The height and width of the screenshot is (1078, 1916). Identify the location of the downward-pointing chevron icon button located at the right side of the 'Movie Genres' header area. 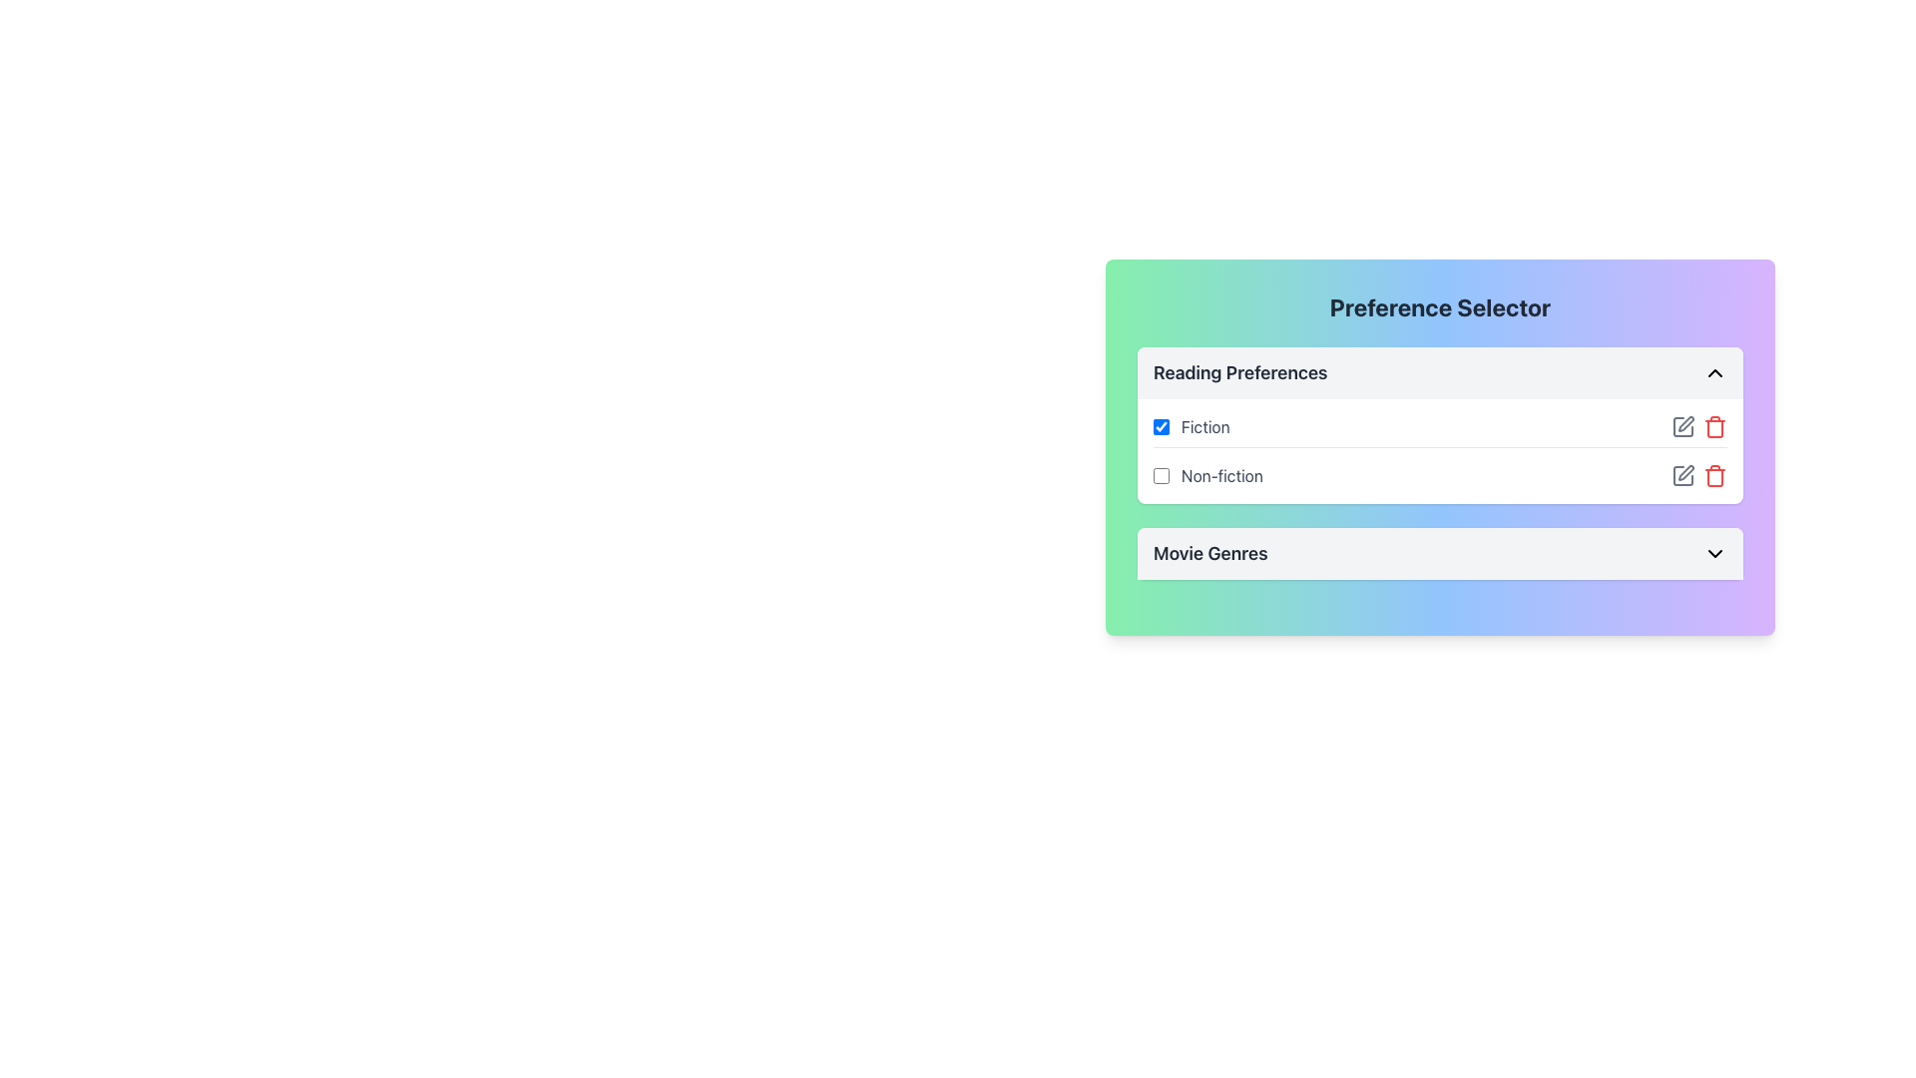
(1713, 554).